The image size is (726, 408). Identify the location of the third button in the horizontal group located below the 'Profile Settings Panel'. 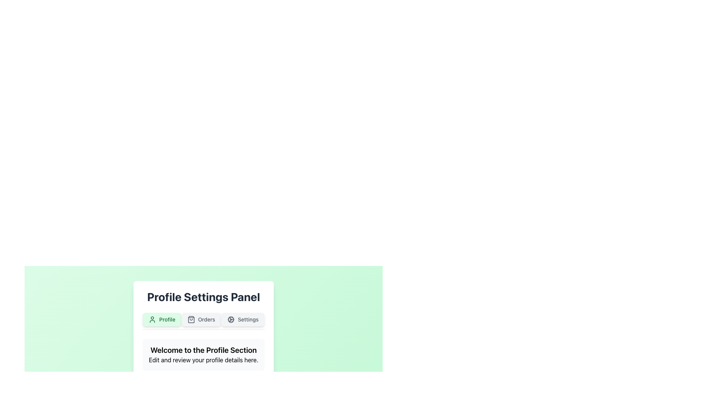
(243, 319).